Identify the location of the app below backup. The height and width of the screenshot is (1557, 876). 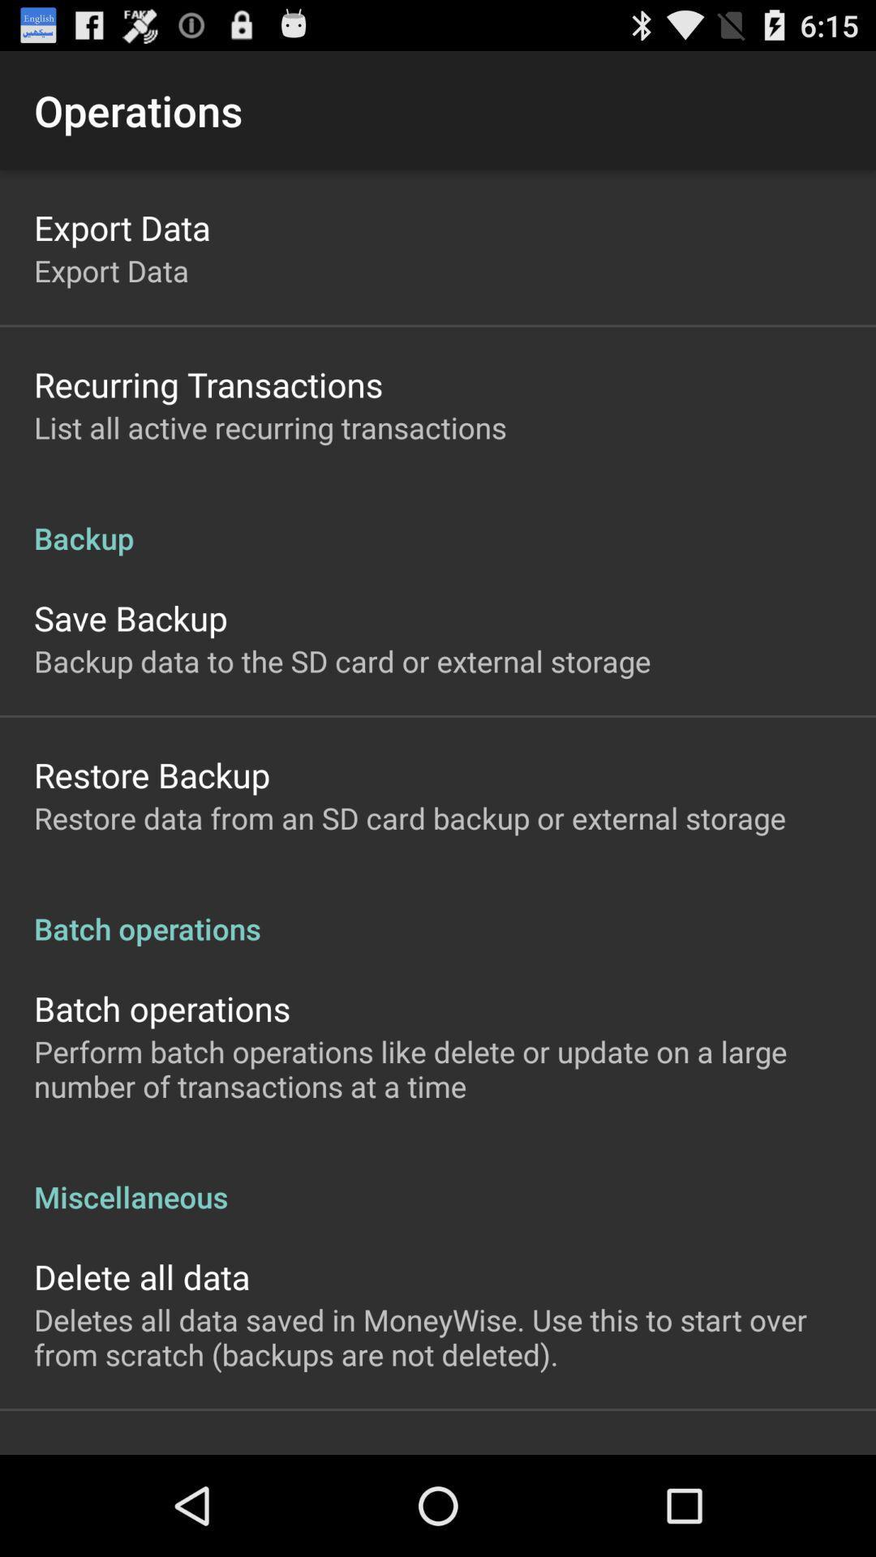
(130, 617).